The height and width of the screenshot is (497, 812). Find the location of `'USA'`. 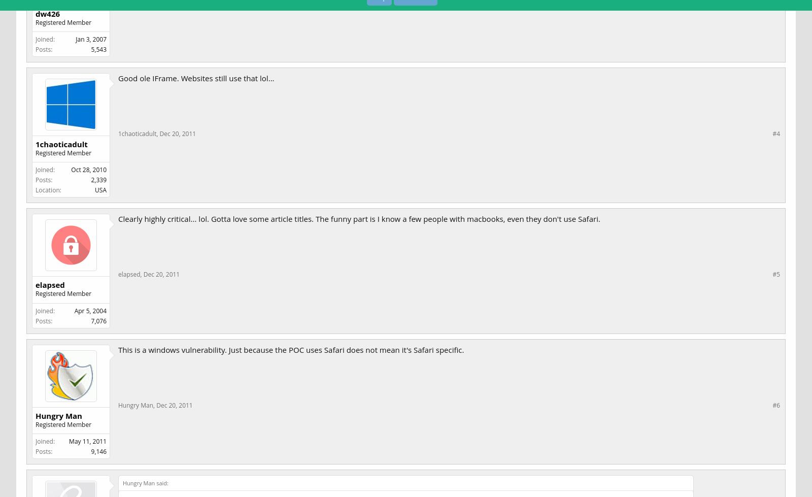

'USA' is located at coordinates (100, 190).